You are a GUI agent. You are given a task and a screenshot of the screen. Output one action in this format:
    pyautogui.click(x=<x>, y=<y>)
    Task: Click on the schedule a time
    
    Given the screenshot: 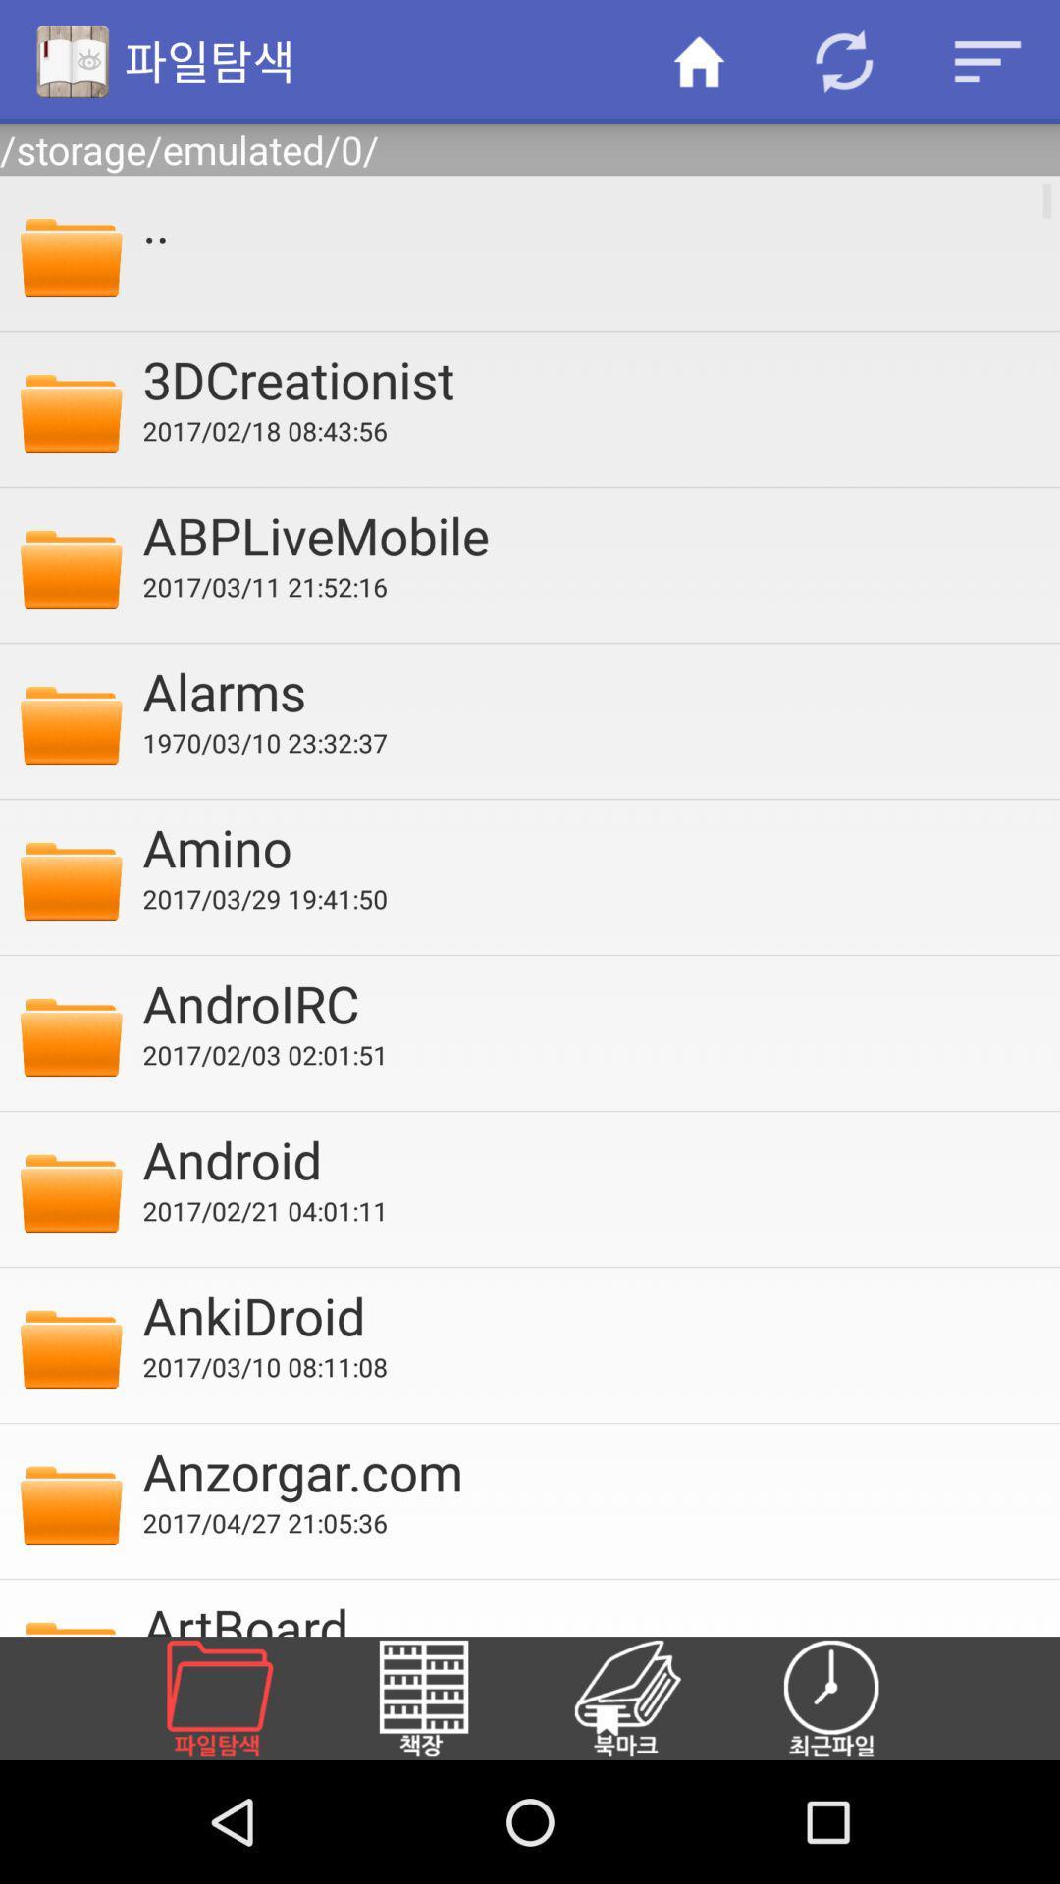 What is the action you would take?
    pyautogui.click(x=854, y=1698)
    